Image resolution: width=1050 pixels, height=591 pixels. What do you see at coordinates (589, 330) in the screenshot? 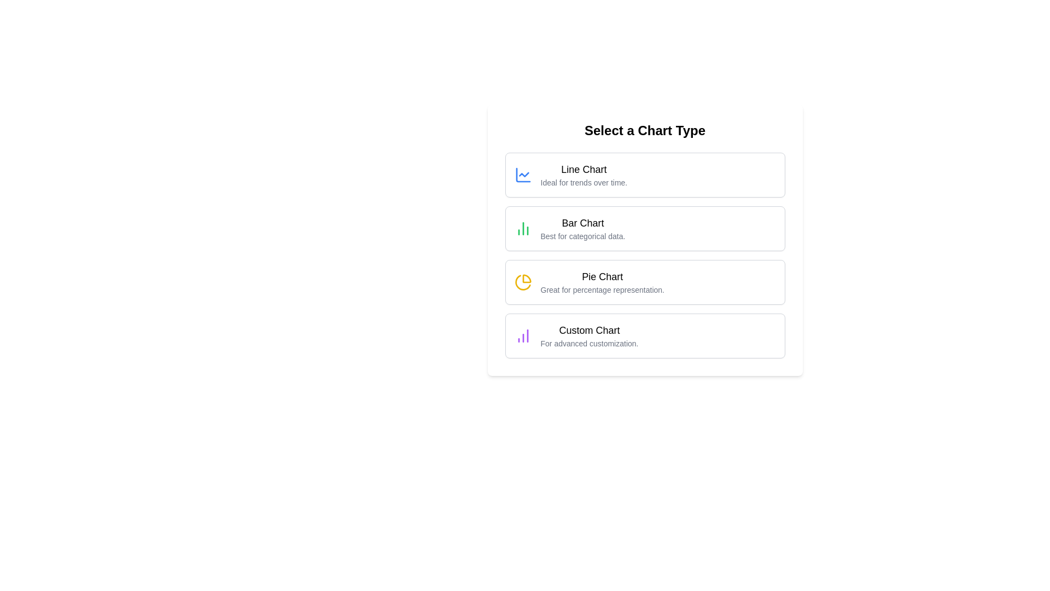
I see `text label that serves as the title for the 'Custom Chart' option within the chart selection menu, located above the description 'For advanced customization.'` at bounding box center [589, 330].